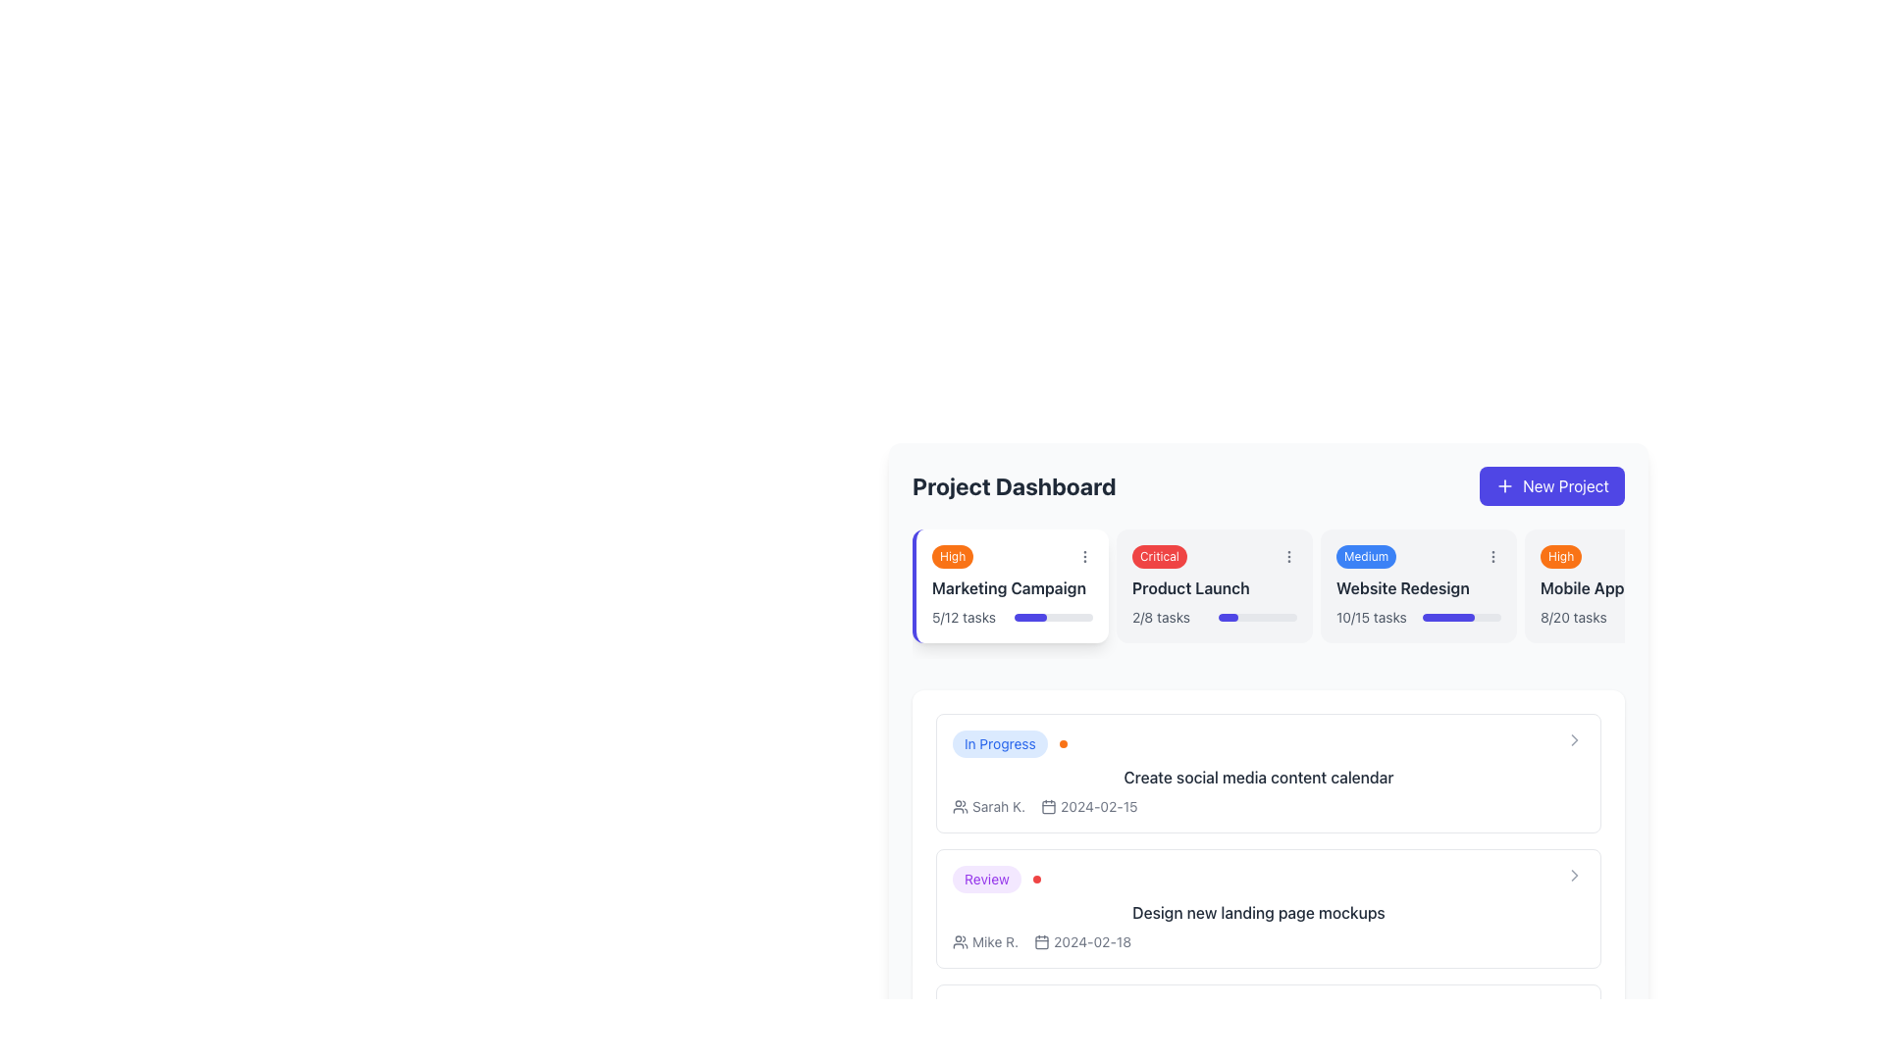 The height and width of the screenshot is (1059, 1884). Describe the element at coordinates (1161, 616) in the screenshot. I see `the '2/8 tasks' text label located at the bottom left of the 'Product Launch' card` at that location.